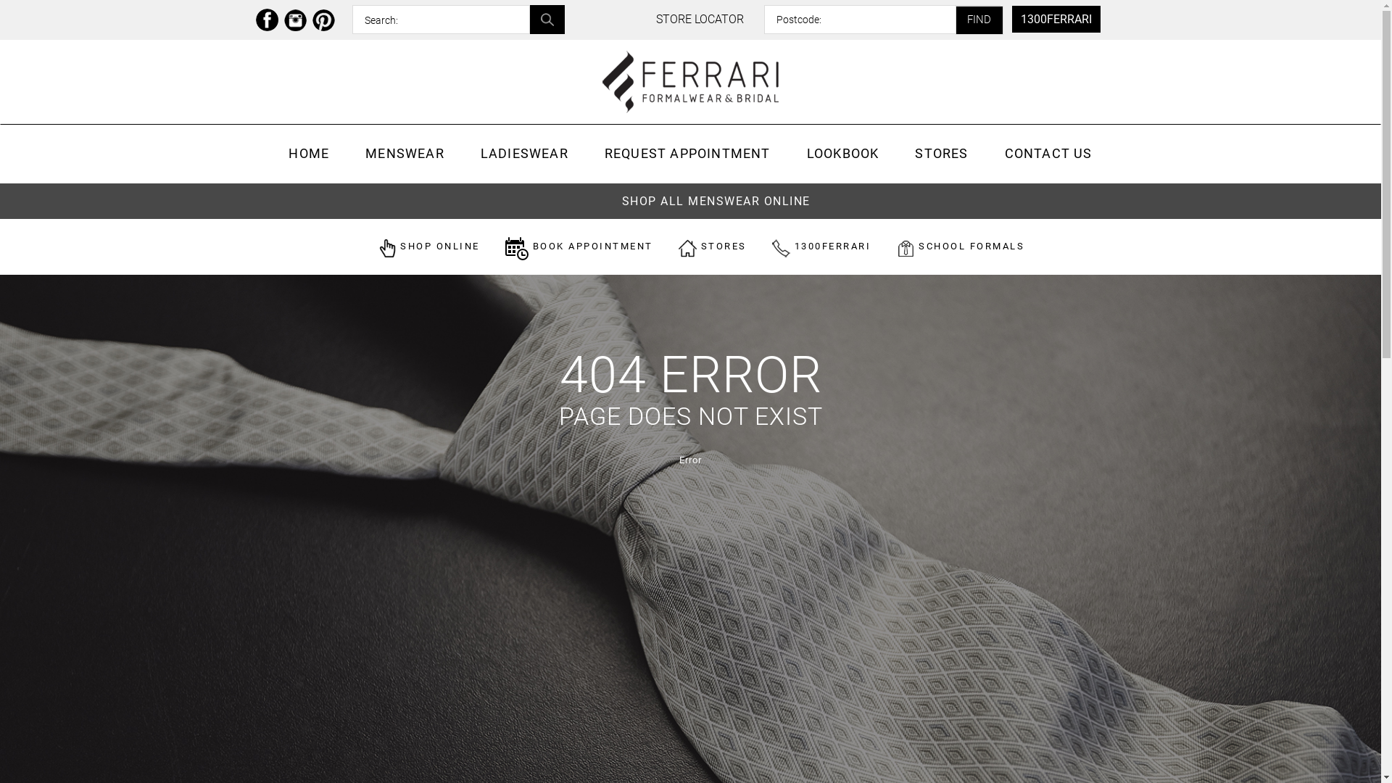 This screenshot has height=783, width=1392. I want to click on '1300FERRARI', so click(1056, 19).